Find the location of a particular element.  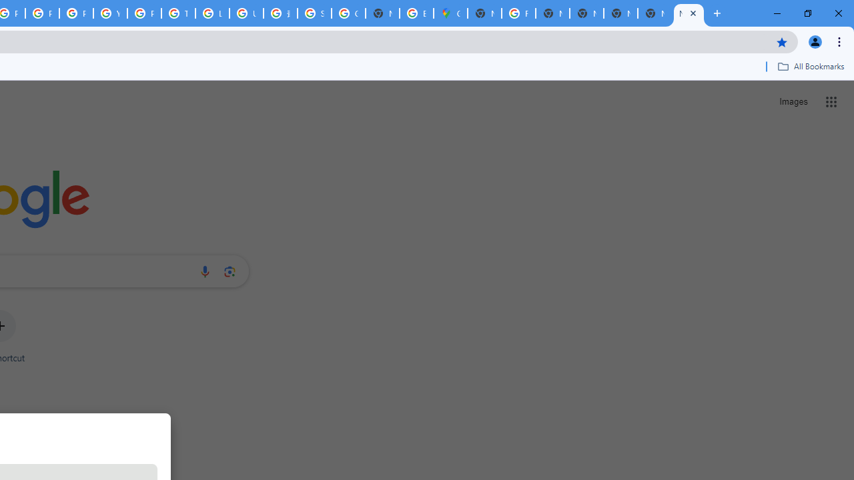

'Sign in - Google Accounts' is located at coordinates (314, 13).